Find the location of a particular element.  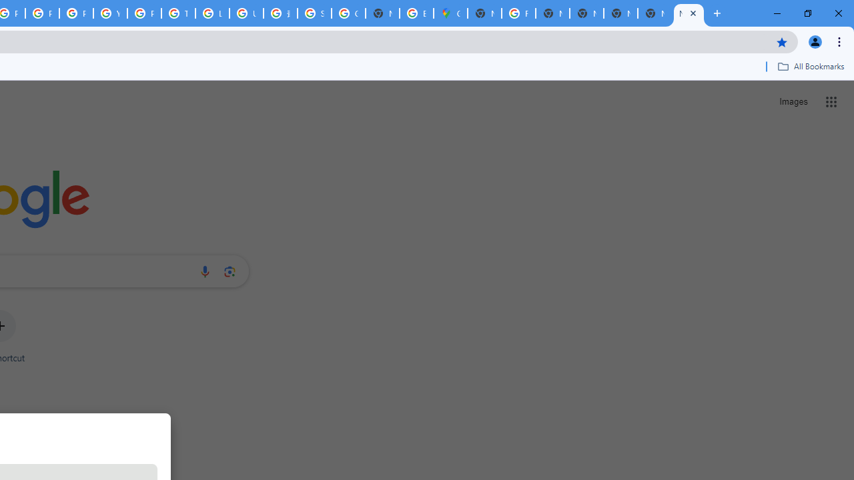

'Sign in - Google Accounts' is located at coordinates (314, 13).